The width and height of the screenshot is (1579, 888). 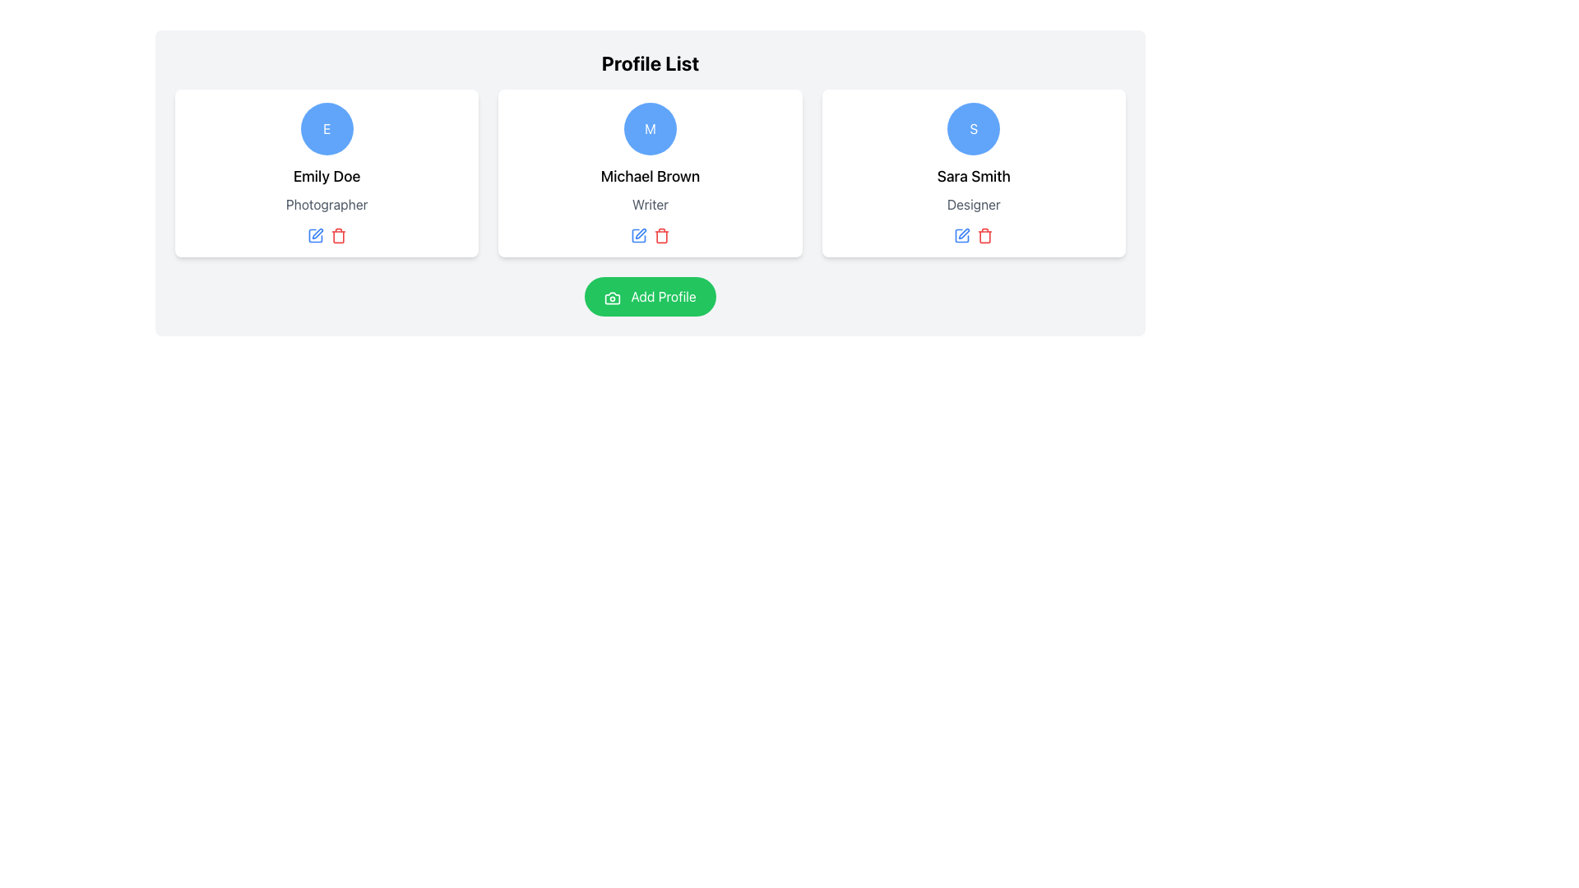 I want to click on the text label displaying the user's name 'Michael Brown', which is located below the circular avatar with the letter 'M' and above the label 'Writer', so click(x=650, y=177).